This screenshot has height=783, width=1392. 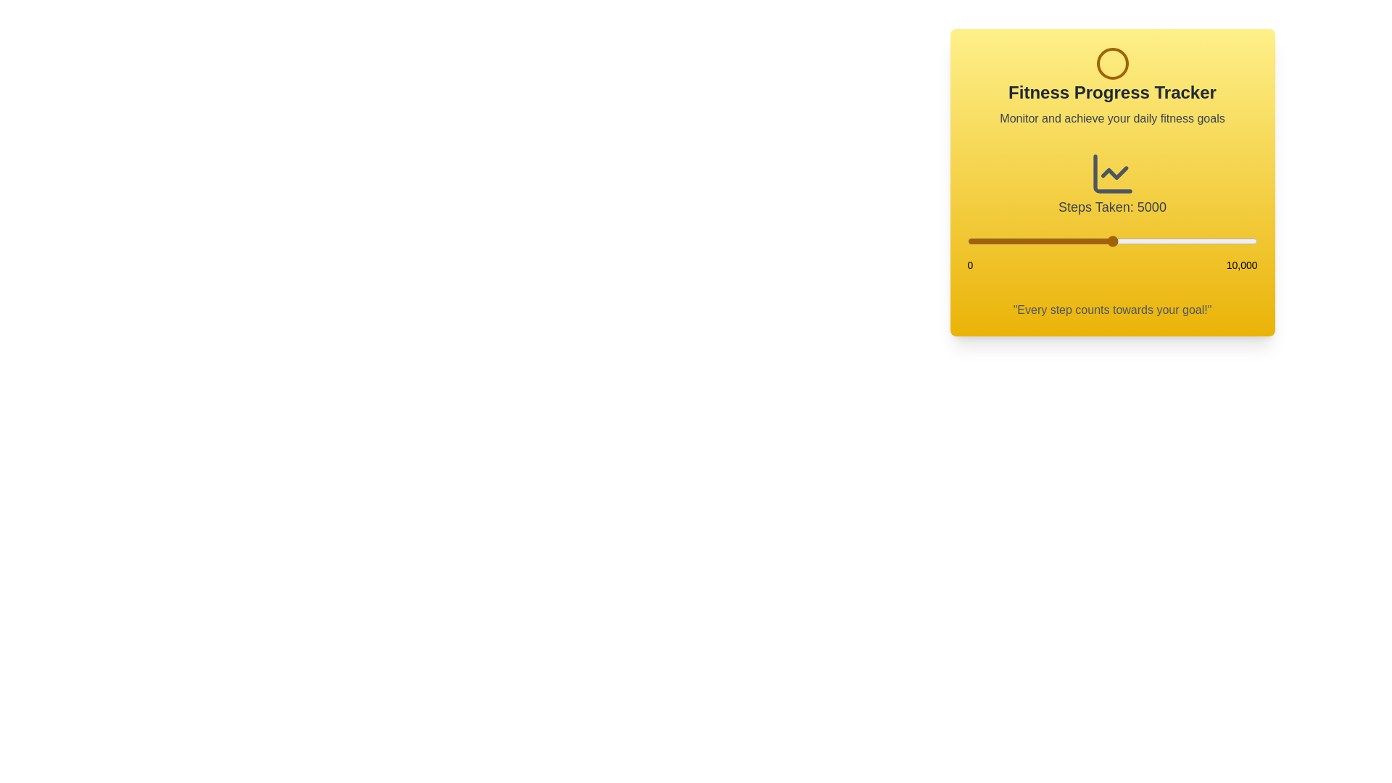 What do you see at coordinates (1207, 240) in the screenshot?
I see `the step count to 8278 using the slider` at bounding box center [1207, 240].